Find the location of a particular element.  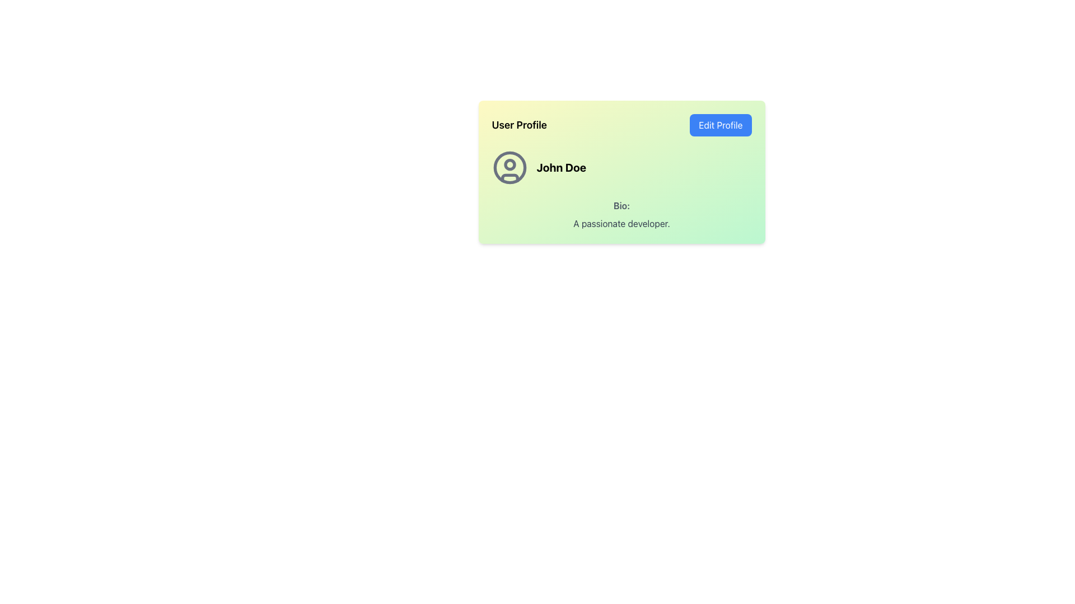

the static text label that contains the text 'Bio:' styled in a bold gray font, located above the description 'A passionate developer' within the user profile card is located at coordinates (621, 205).